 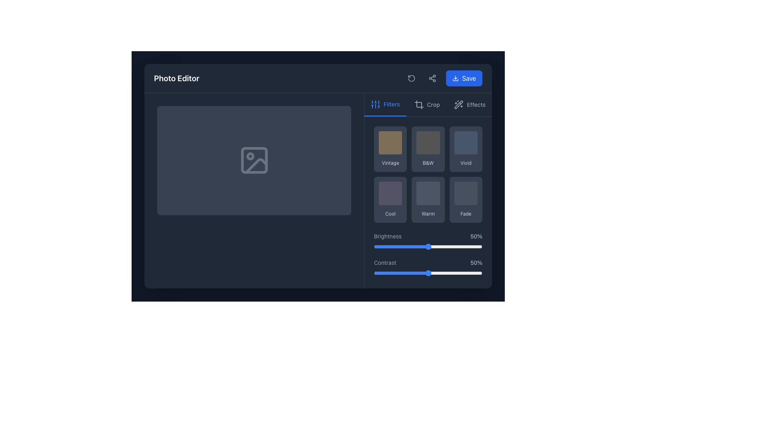 What do you see at coordinates (385, 104) in the screenshot?
I see `the 'Filters' button in the navigation toolbar` at bounding box center [385, 104].